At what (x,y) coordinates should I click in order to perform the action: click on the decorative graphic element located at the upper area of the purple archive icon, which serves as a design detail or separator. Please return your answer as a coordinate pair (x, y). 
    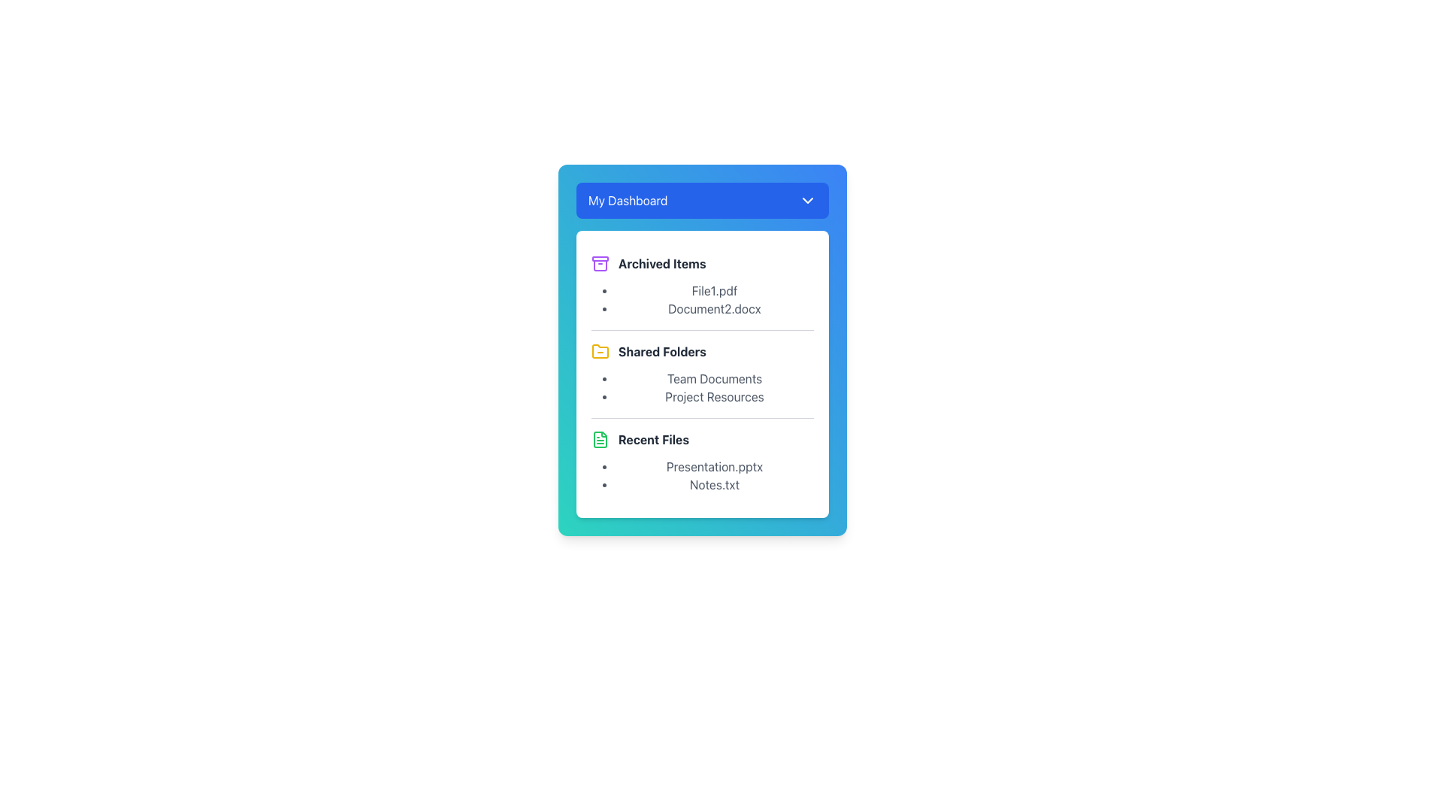
    Looking at the image, I should click on (599, 257).